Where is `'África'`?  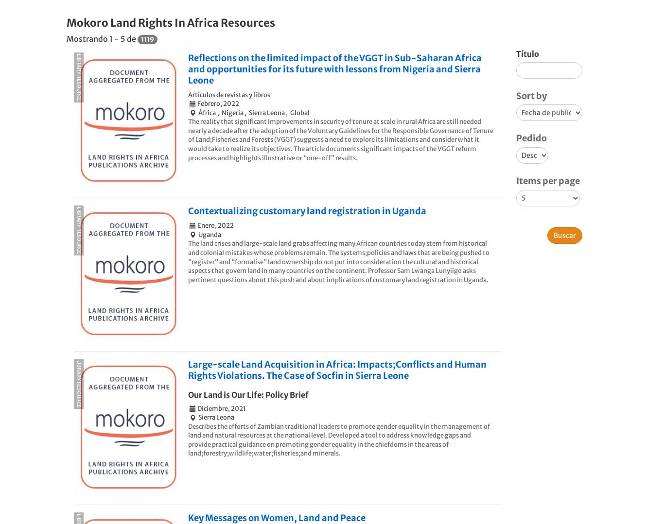
'África' is located at coordinates (207, 112).